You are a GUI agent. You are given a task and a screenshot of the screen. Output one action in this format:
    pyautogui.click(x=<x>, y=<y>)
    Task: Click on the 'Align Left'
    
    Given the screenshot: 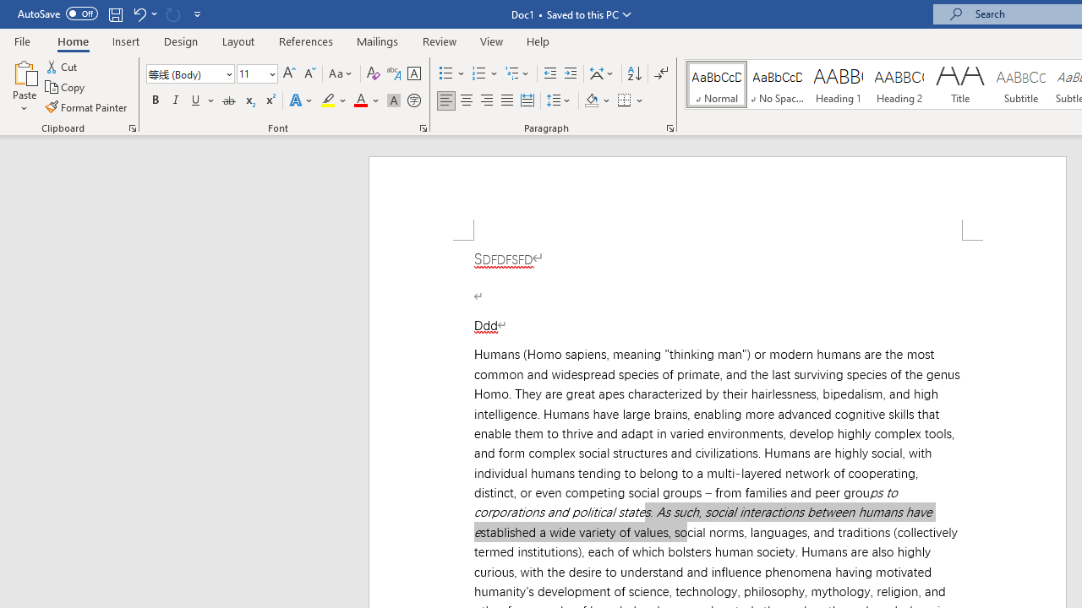 What is the action you would take?
    pyautogui.click(x=446, y=100)
    